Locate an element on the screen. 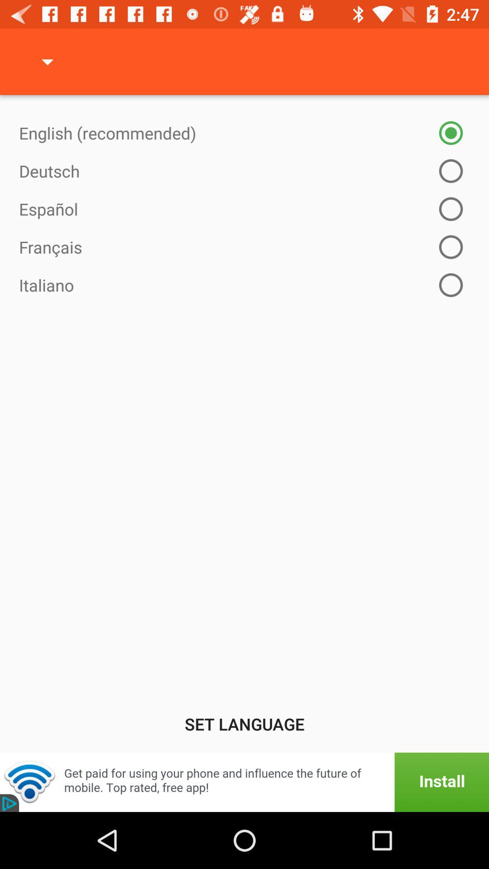 The height and width of the screenshot is (869, 489). install app is located at coordinates (244, 782).